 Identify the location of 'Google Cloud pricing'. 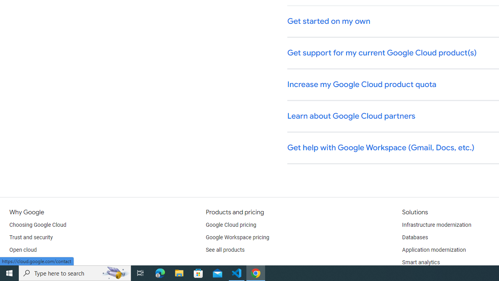
(230, 225).